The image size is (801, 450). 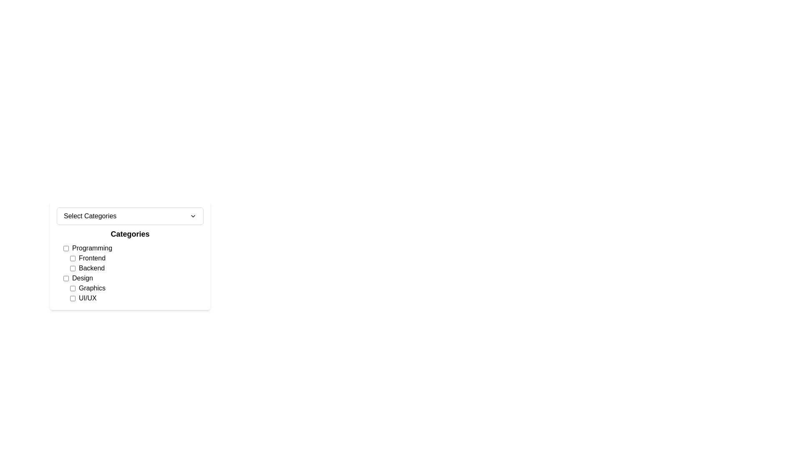 What do you see at coordinates (136, 268) in the screenshot?
I see `the 'Backend' checkbox by using the keyboard` at bounding box center [136, 268].